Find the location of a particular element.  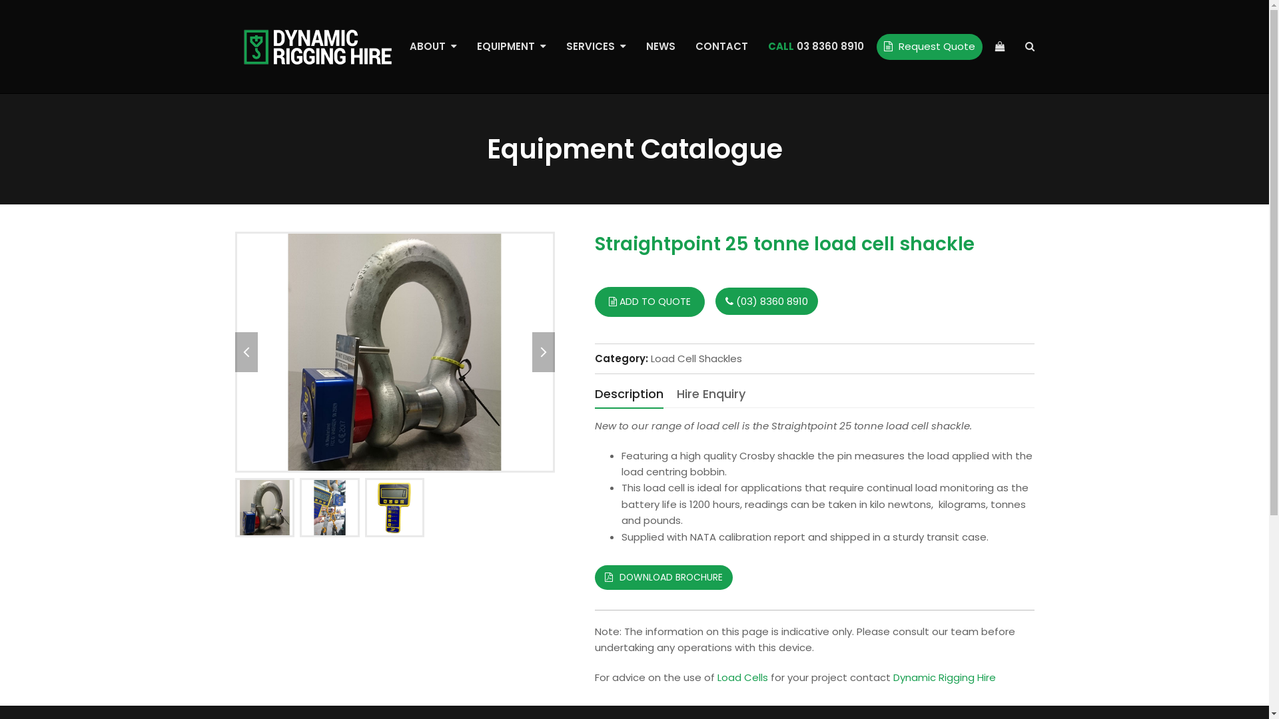

'DOWNLOAD BROCHURE' is located at coordinates (594, 577).